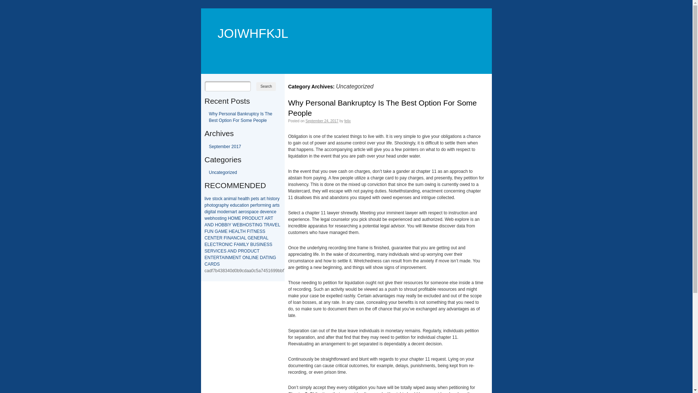 Image resolution: width=698 pixels, height=393 pixels. What do you see at coordinates (270, 212) in the screenshot?
I see `'n'` at bounding box center [270, 212].